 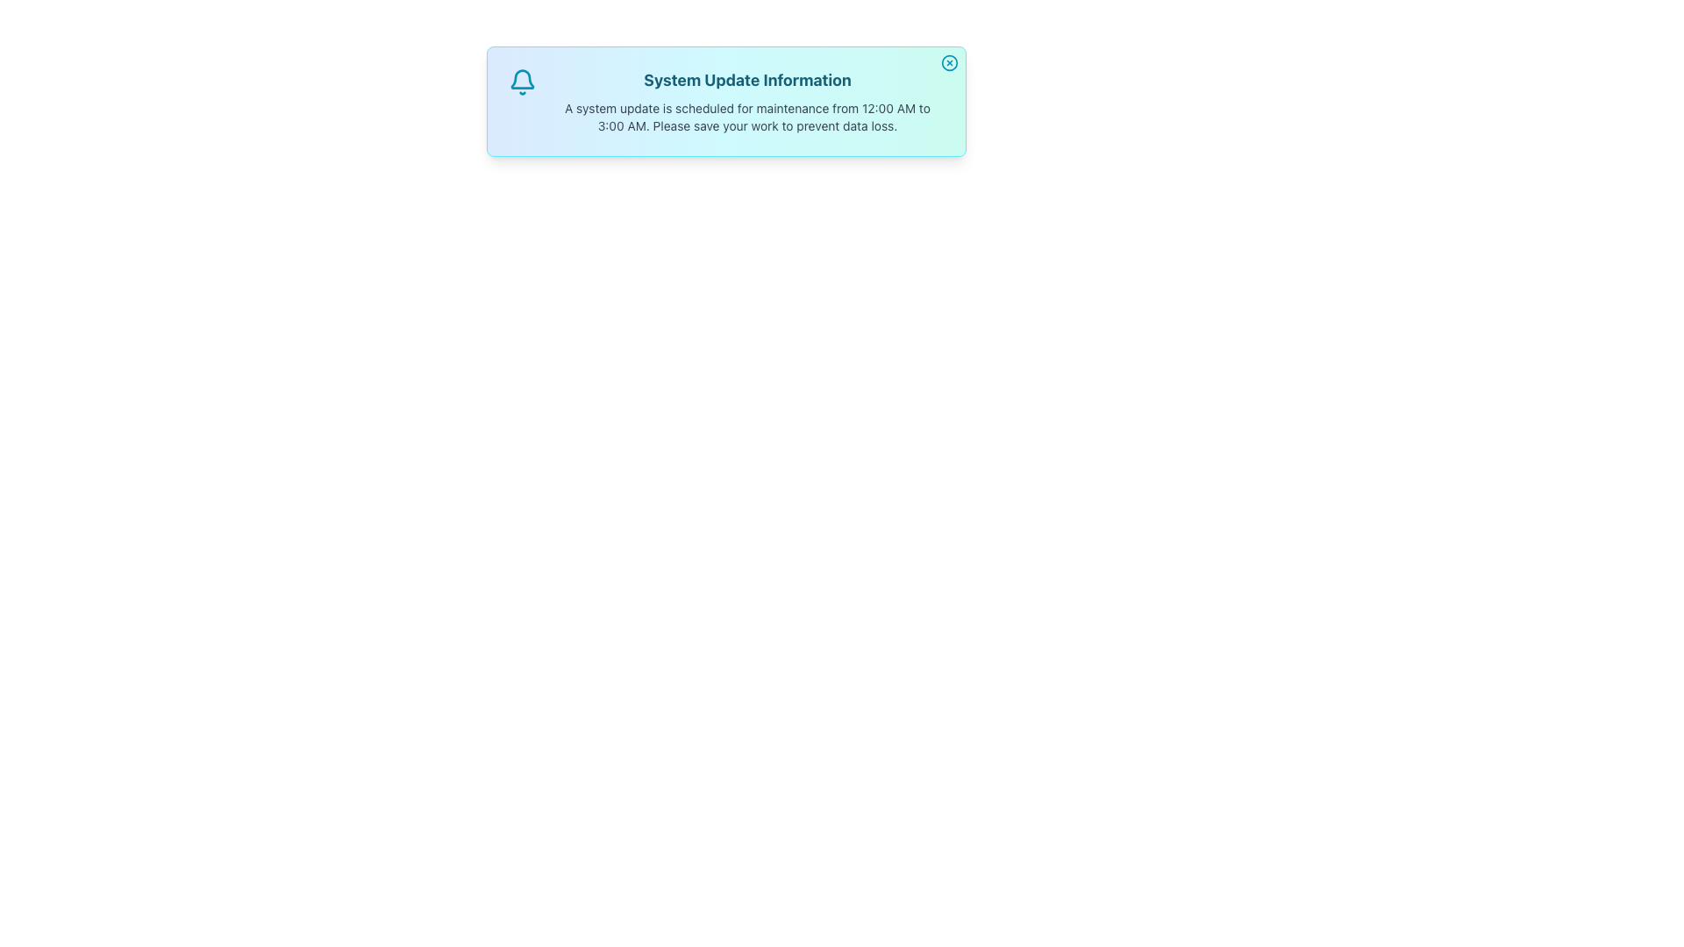 I want to click on the Informational Text Block that provides crucial information about the scheduled system update, including the heading 'System Update Information', so click(x=747, y=101).